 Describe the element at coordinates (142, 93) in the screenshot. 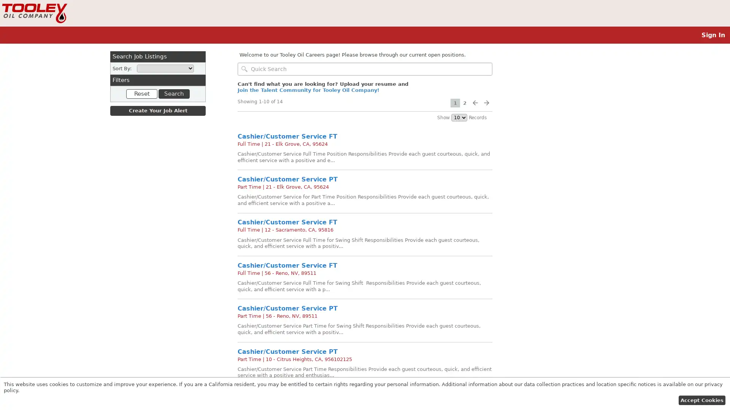

I see `Reset` at that location.